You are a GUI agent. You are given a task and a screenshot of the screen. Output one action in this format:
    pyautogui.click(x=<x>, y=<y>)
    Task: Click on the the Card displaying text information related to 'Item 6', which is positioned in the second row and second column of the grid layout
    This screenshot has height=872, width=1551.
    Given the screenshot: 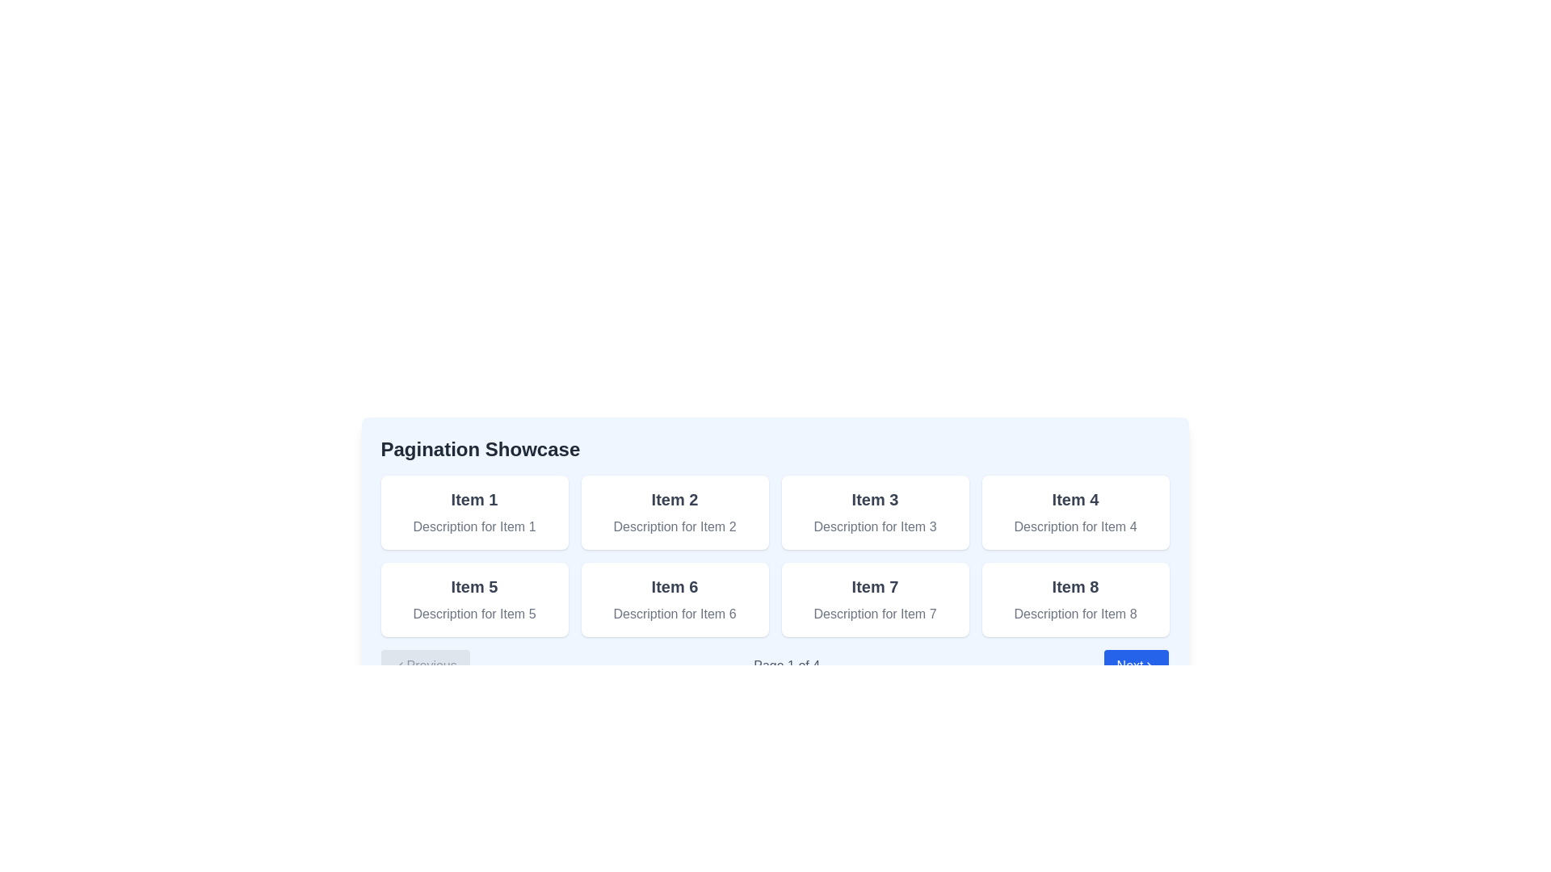 What is the action you would take?
    pyautogui.click(x=675, y=600)
    